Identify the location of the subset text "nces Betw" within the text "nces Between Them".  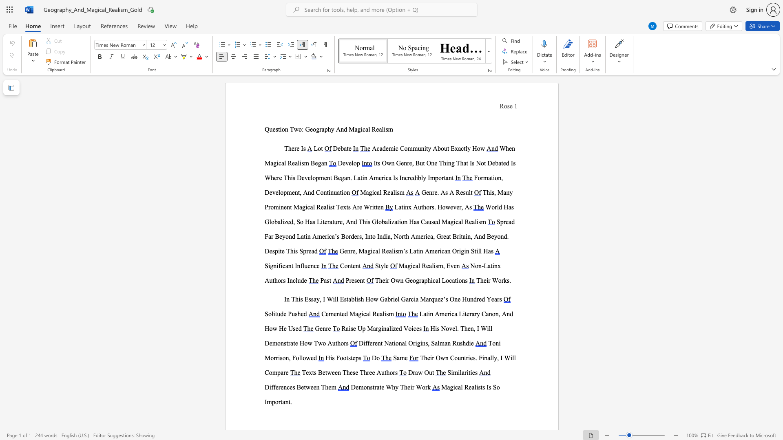
(283, 387).